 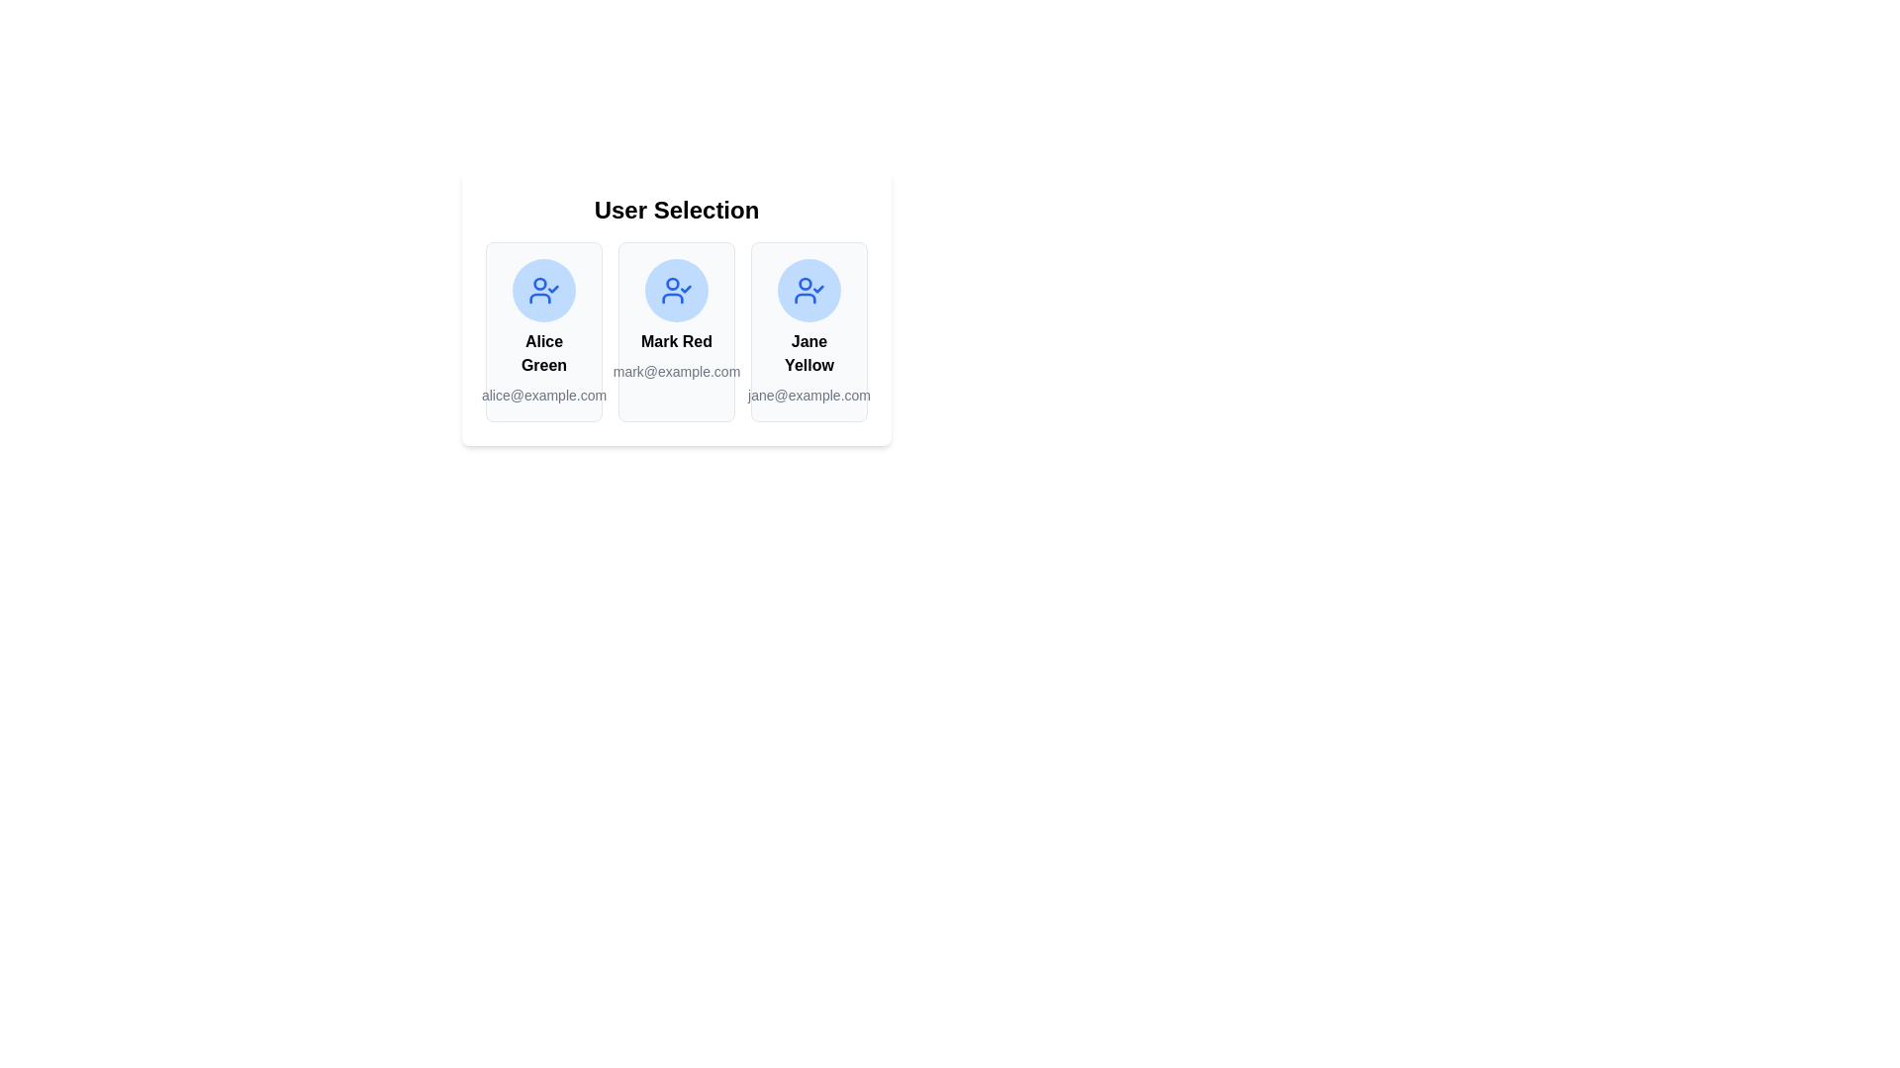 I want to click on the text label displaying the email address of user 'Alice Green', located in the bottom section of the leftmost card, directly beneath the name text, so click(x=544, y=396).